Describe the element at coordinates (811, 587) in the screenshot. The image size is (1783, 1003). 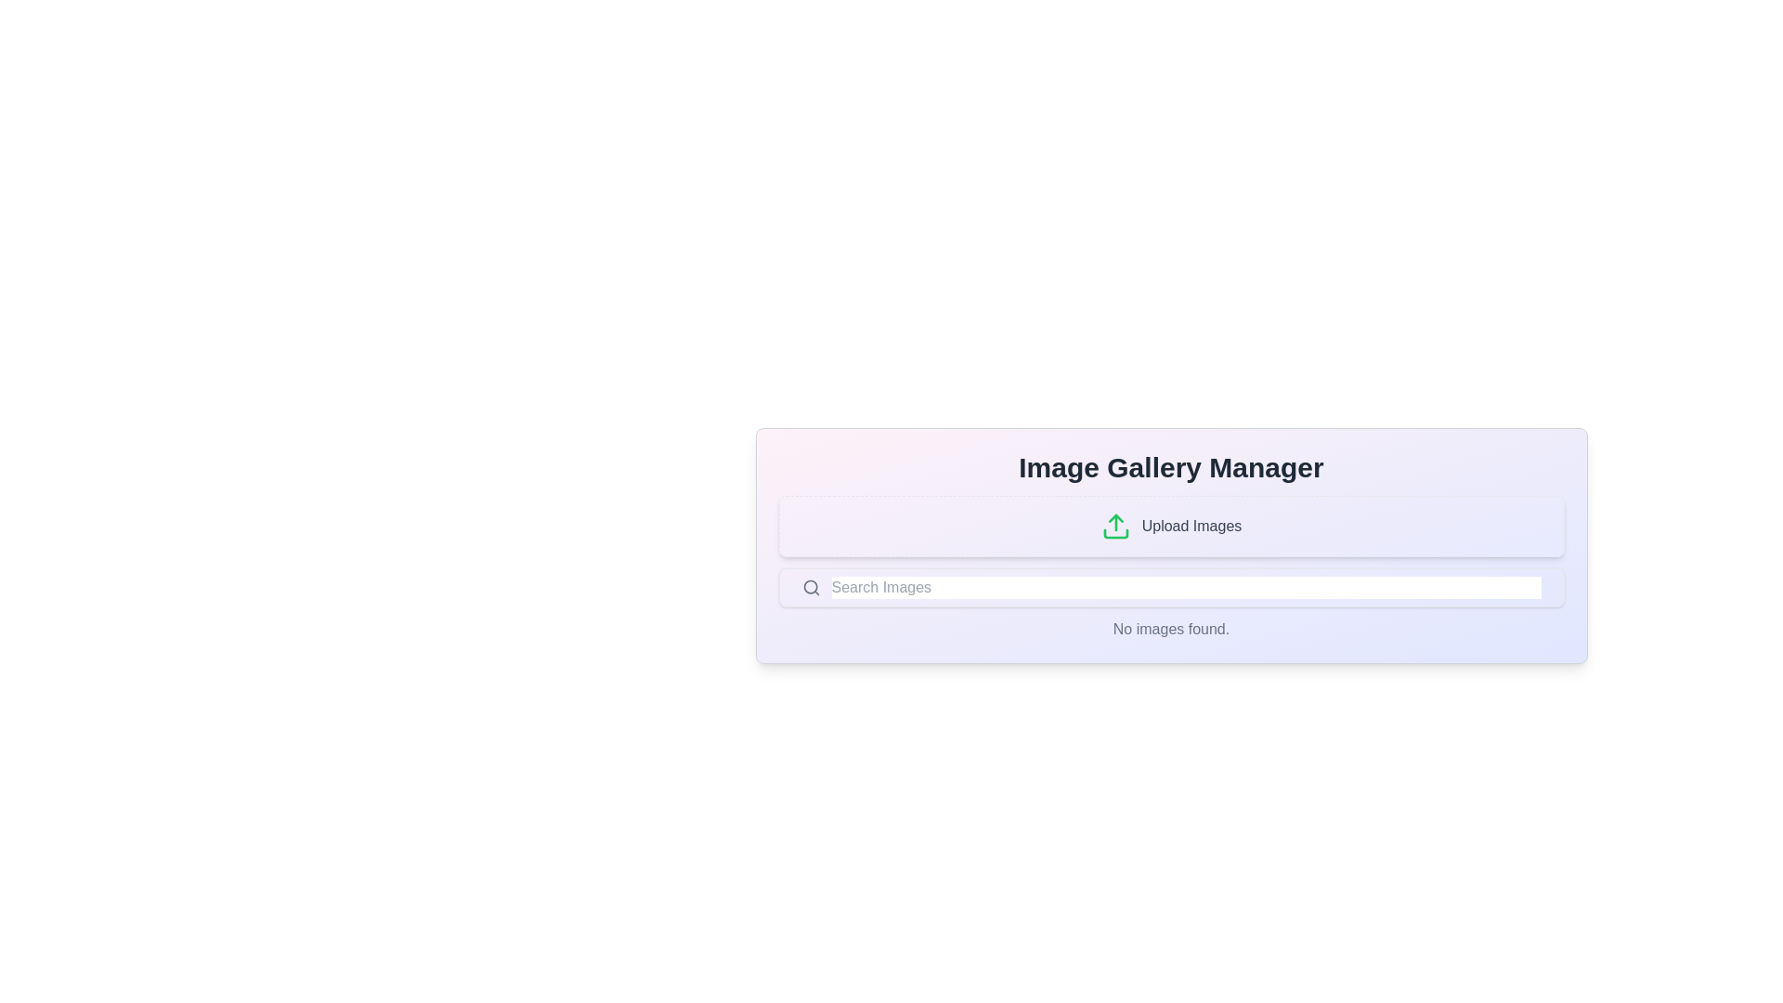
I see `the search icon located at the leftmost part of the horizontally arranged group, which represents the search feature of the application` at that location.